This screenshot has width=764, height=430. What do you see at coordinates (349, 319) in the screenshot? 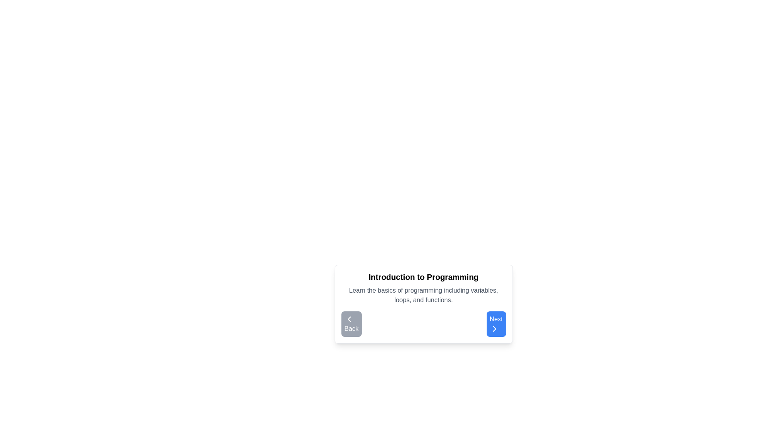
I see `the 'Back' button icon located at the bottom-left corner of the card` at bounding box center [349, 319].